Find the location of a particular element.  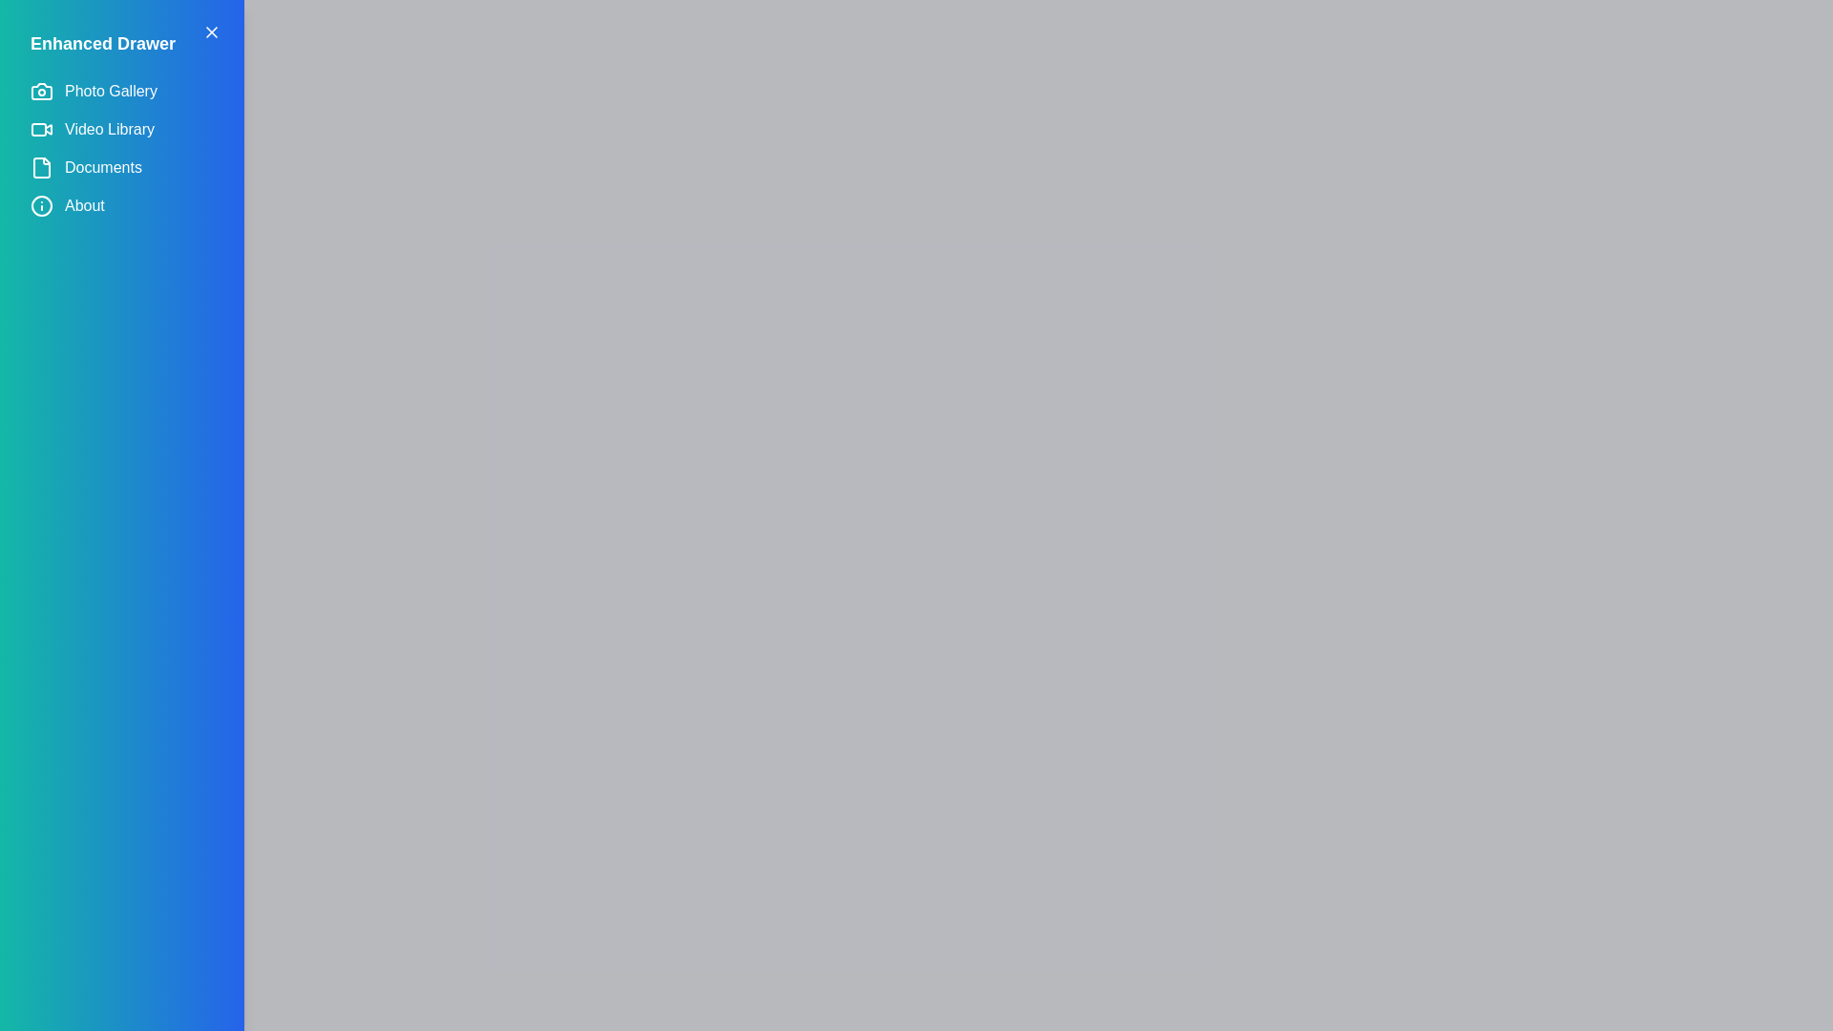

properties of the larger outermost circle that represents the 'About' menu item in the left sidebar is located at coordinates (41, 206).